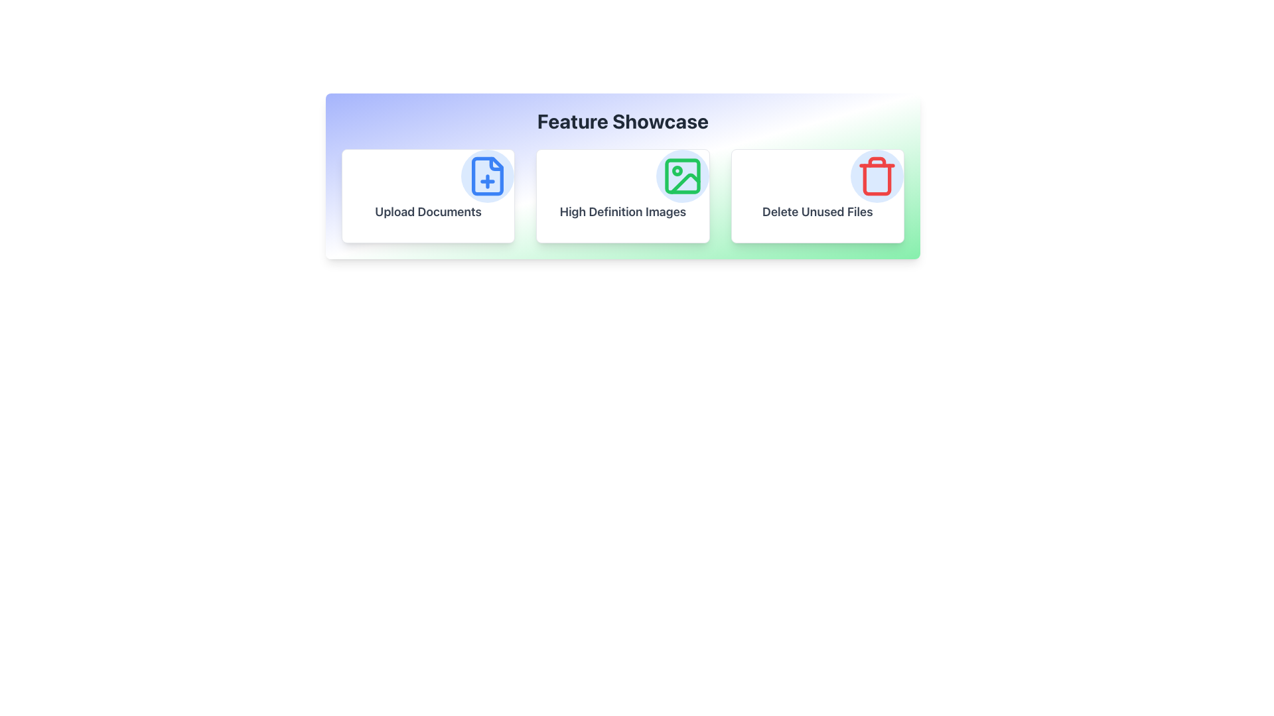 The image size is (1274, 716). I want to click on the bold, large-sized text element displaying 'Feature Showcase', which is styled with a bold font and centered alignment, located at the top center of the interface, so click(622, 121).